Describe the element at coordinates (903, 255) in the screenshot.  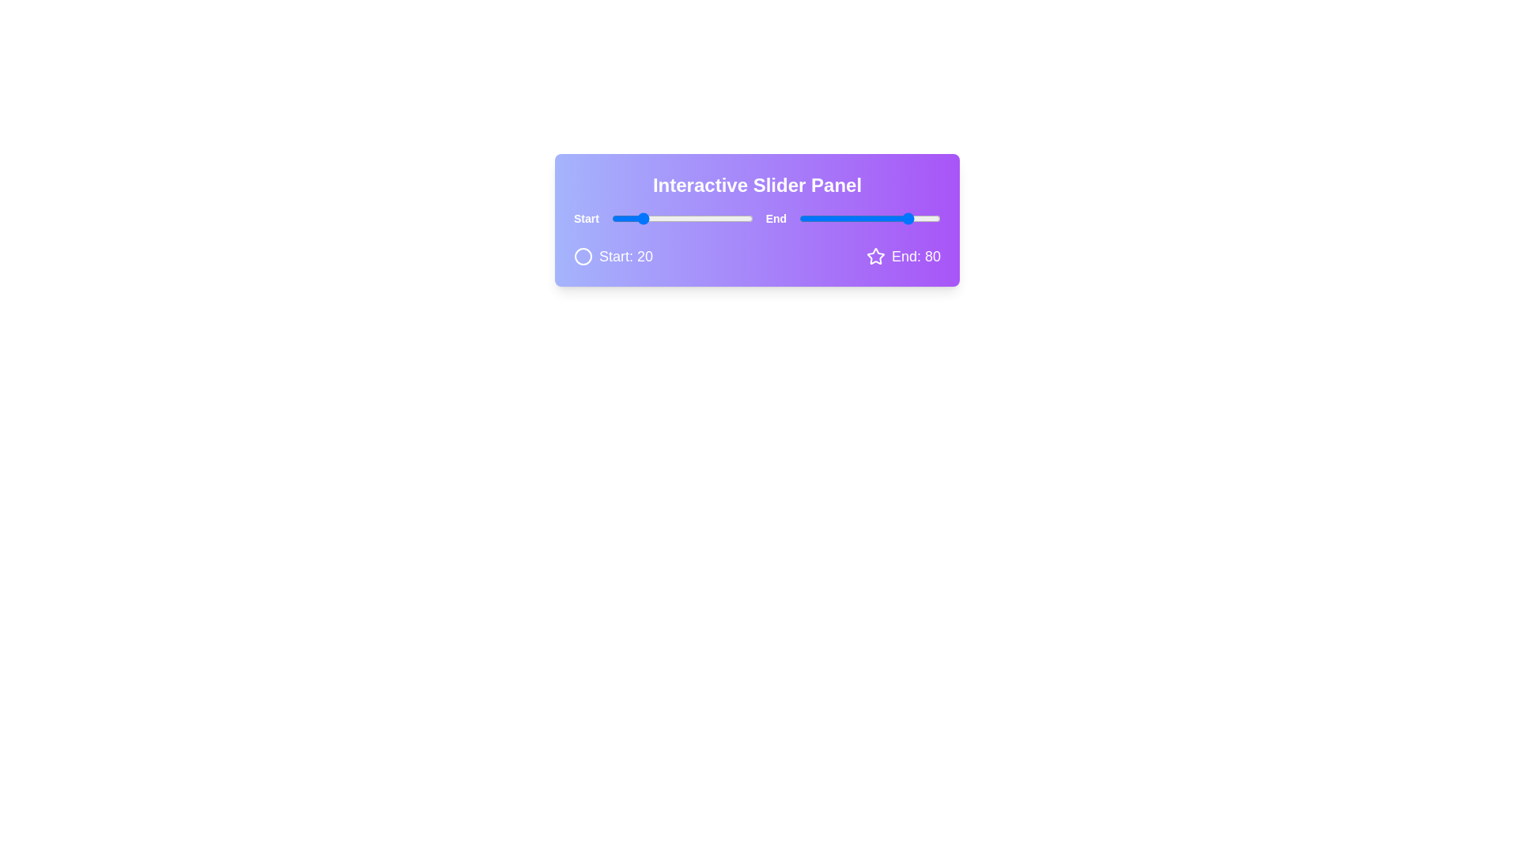
I see `the Text-and-icon label that contains a star icon followed by the text 'End: 80', which is styled with a gradient background and is positioned to the right of the 'Start: 20' label` at that location.